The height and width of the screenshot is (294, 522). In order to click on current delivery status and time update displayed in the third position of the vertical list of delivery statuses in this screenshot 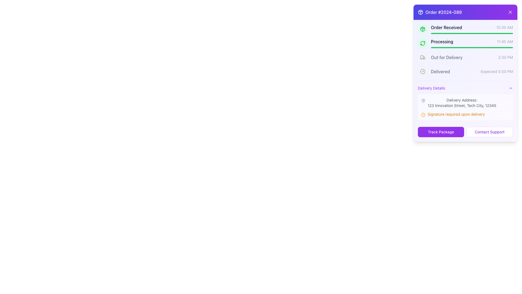, I will do `click(472, 57)`.